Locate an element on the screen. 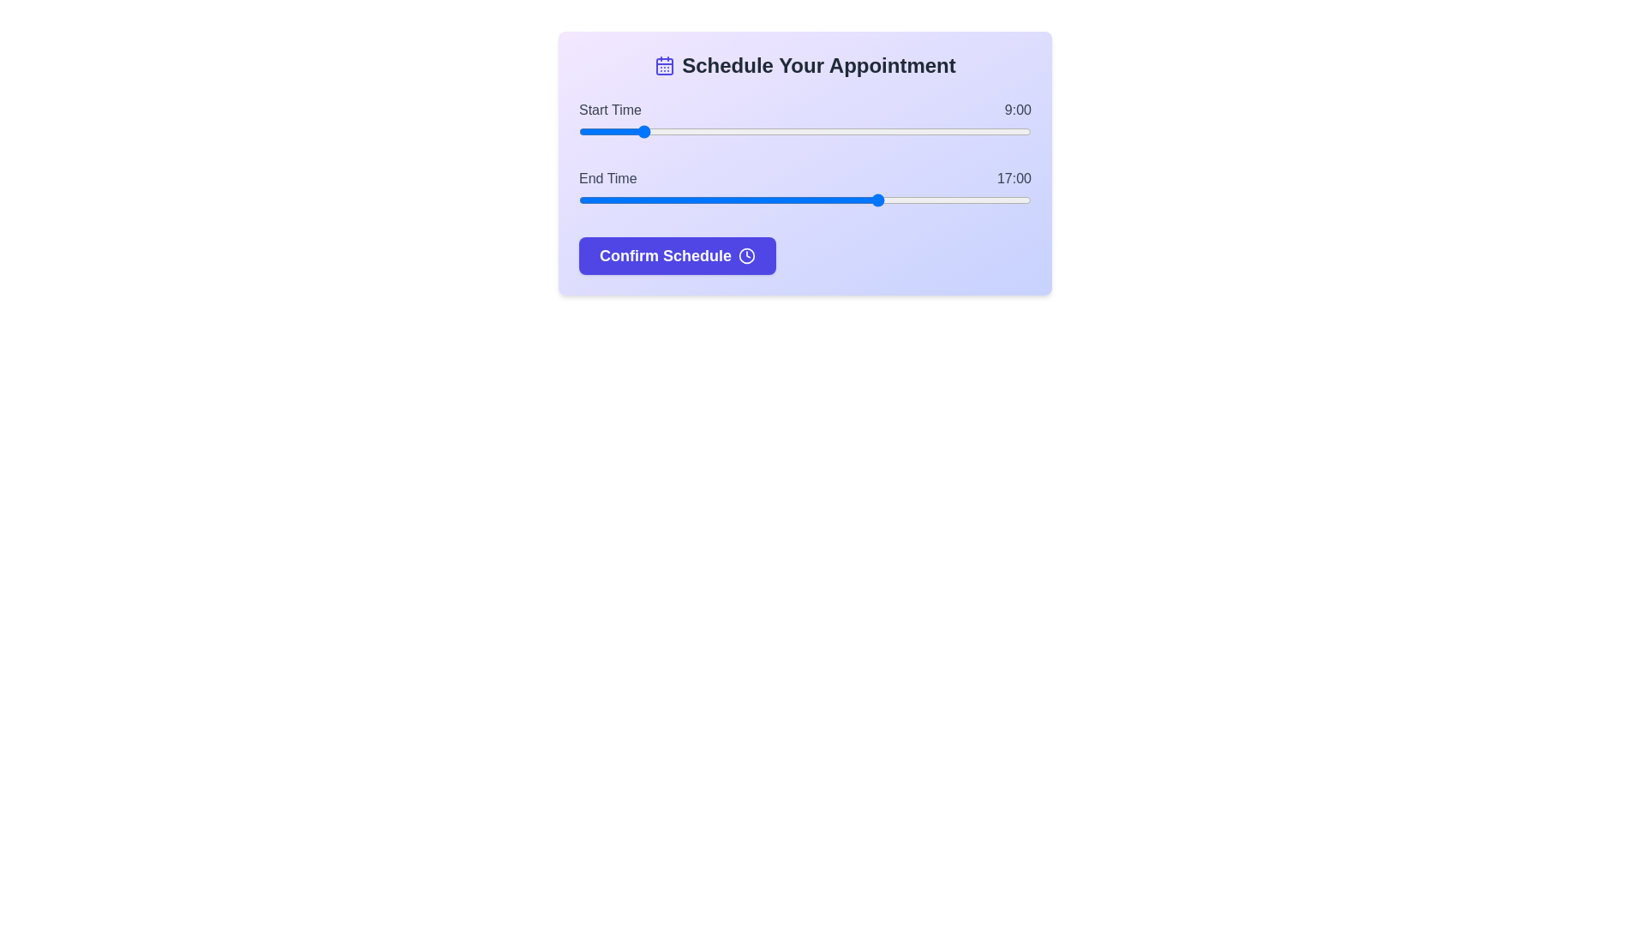  the end time slider to 13 hours is located at coordinates (759, 200).